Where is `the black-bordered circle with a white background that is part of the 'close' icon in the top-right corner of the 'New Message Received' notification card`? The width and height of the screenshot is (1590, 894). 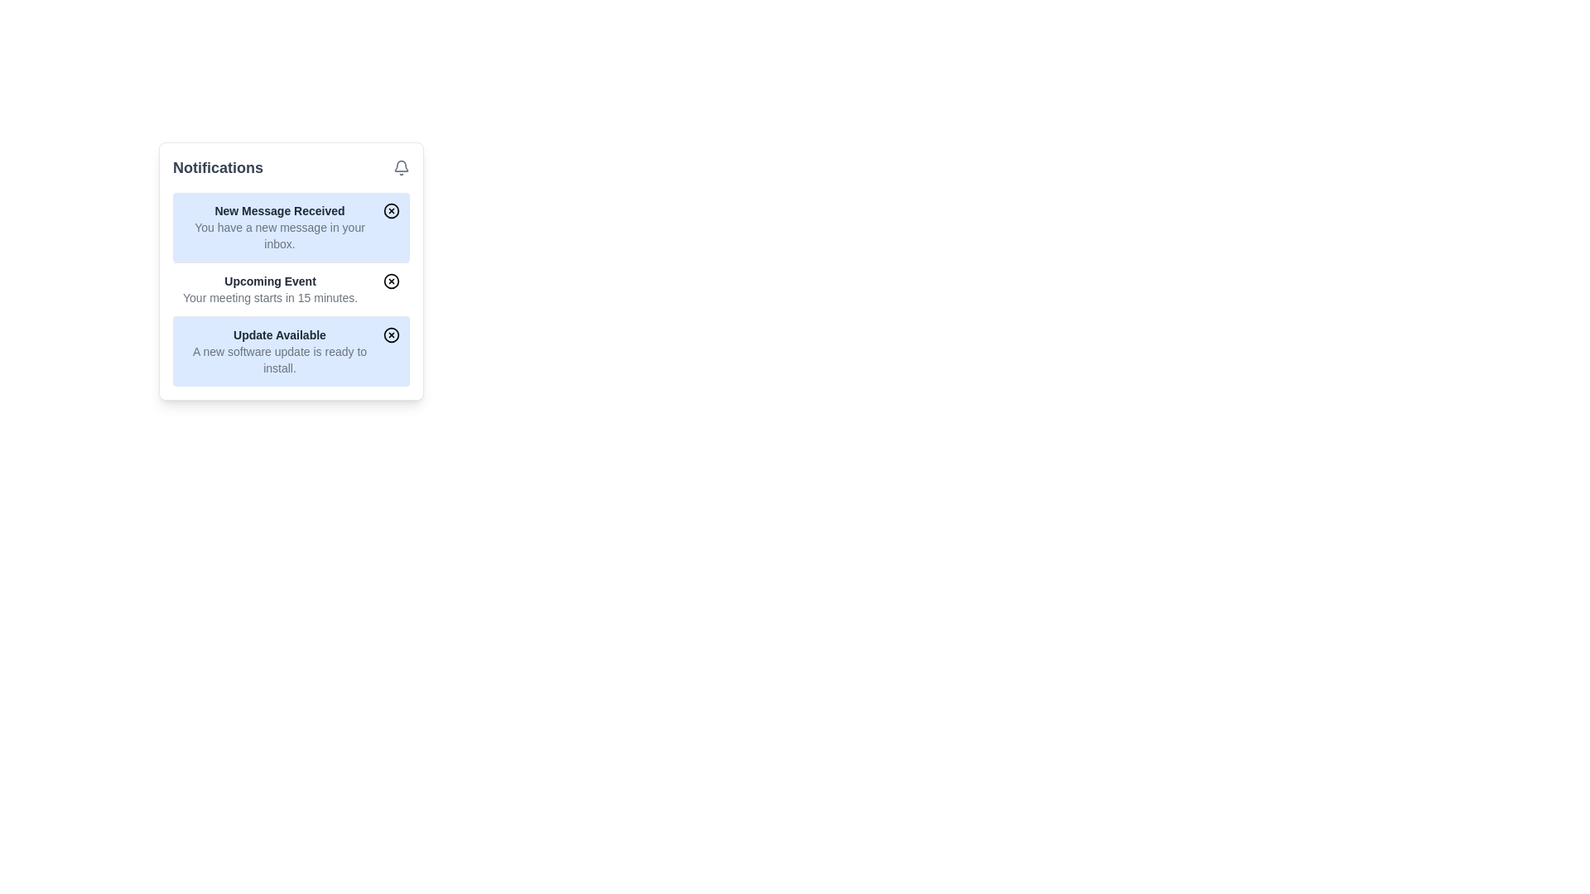 the black-bordered circle with a white background that is part of the 'close' icon in the top-right corner of the 'New Message Received' notification card is located at coordinates (391, 209).